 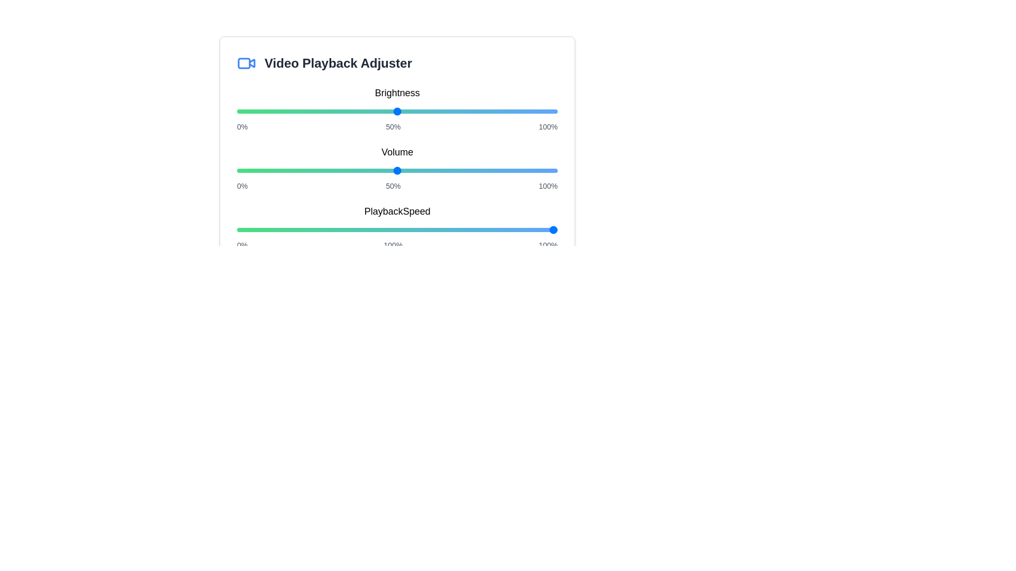 I want to click on the playback speed slider to 60%, so click(x=429, y=229).